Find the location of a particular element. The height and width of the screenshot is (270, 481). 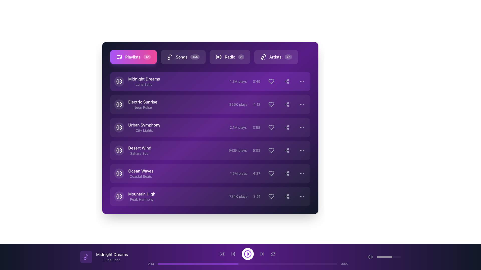

the music or sound-related graphical icon located at the bottom left corner of the application interface, part of the playback controls is located at coordinates (87, 256).